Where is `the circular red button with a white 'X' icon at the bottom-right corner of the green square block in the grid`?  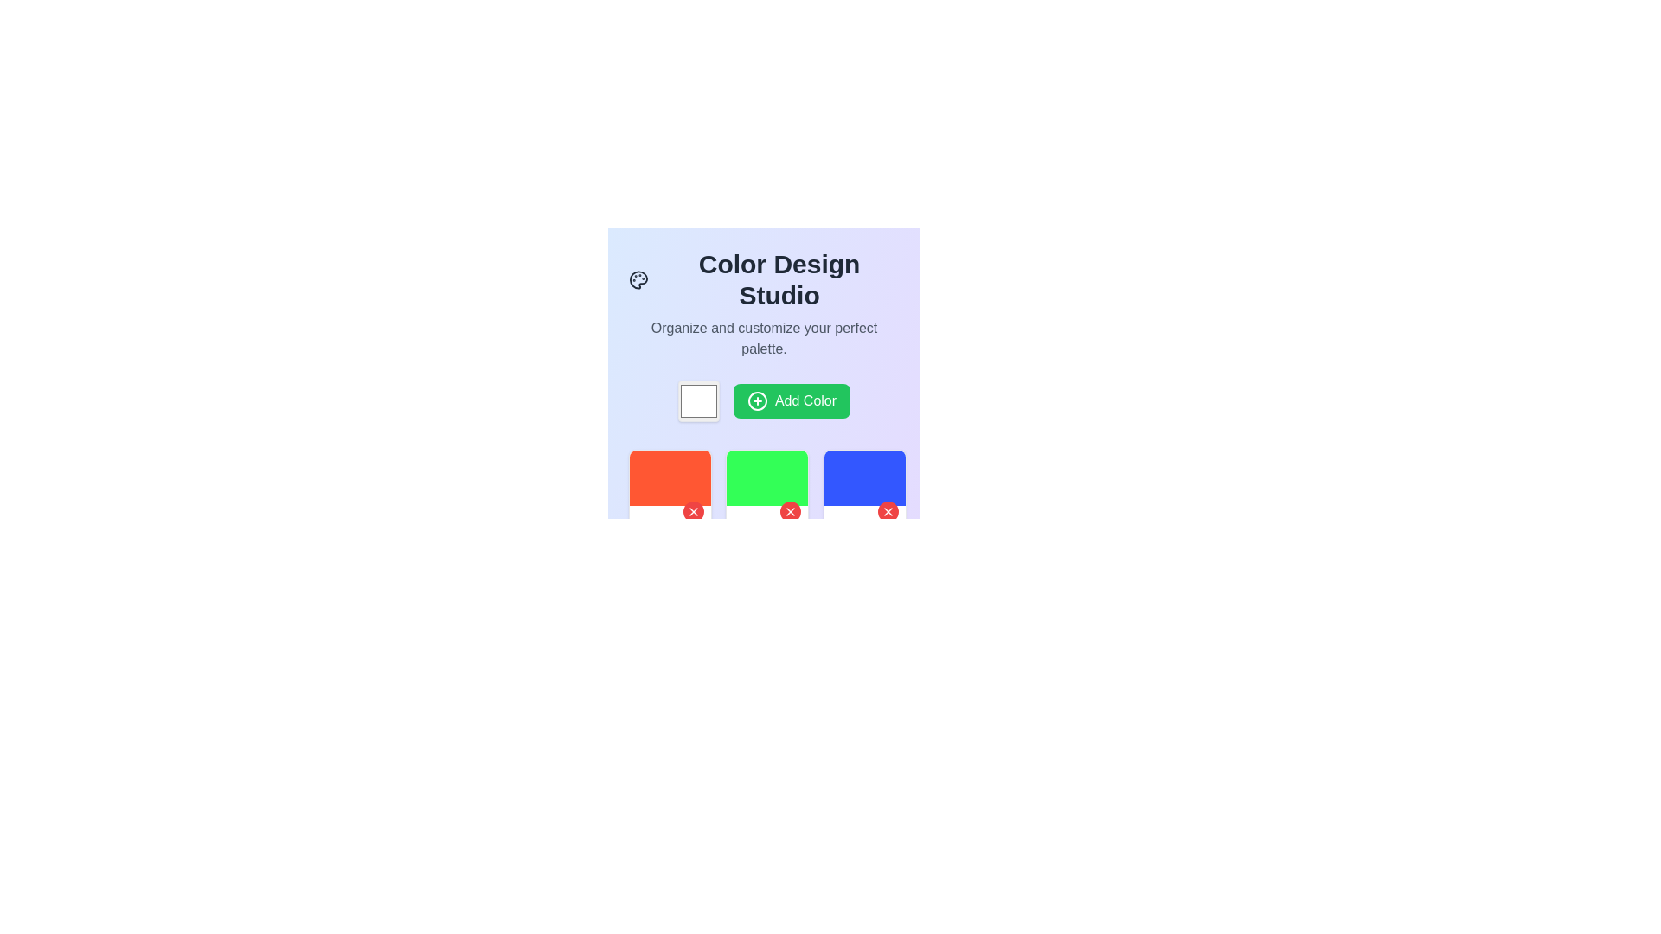
the circular red button with a white 'X' icon at the bottom-right corner of the green square block in the grid is located at coordinates (790, 512).